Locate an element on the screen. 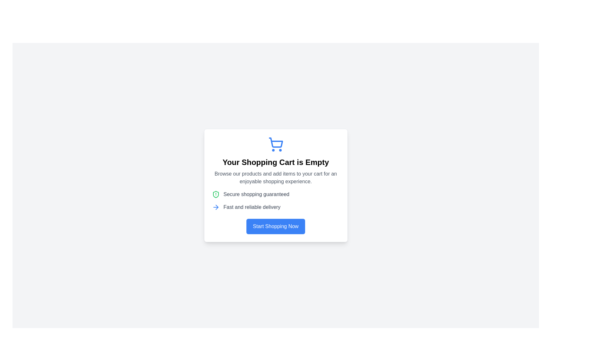  the first item in the vertical list of assurances, which includes informative text and an icon, located directly above 'Fast and reliable delivery' is located at coordinates (276, 194).